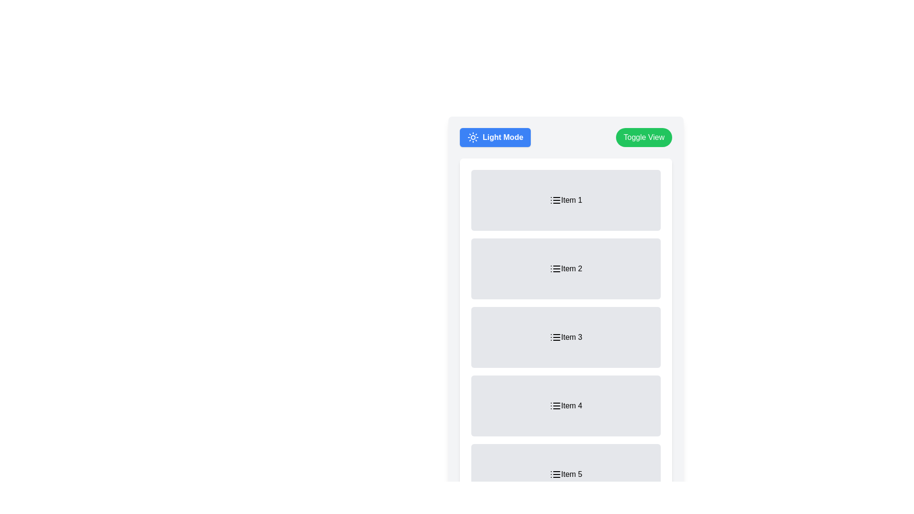  Describe the element at coordinates (566, 474) in the screenshot. I see `the selectable list item labeled 'Item 5'` at that location.